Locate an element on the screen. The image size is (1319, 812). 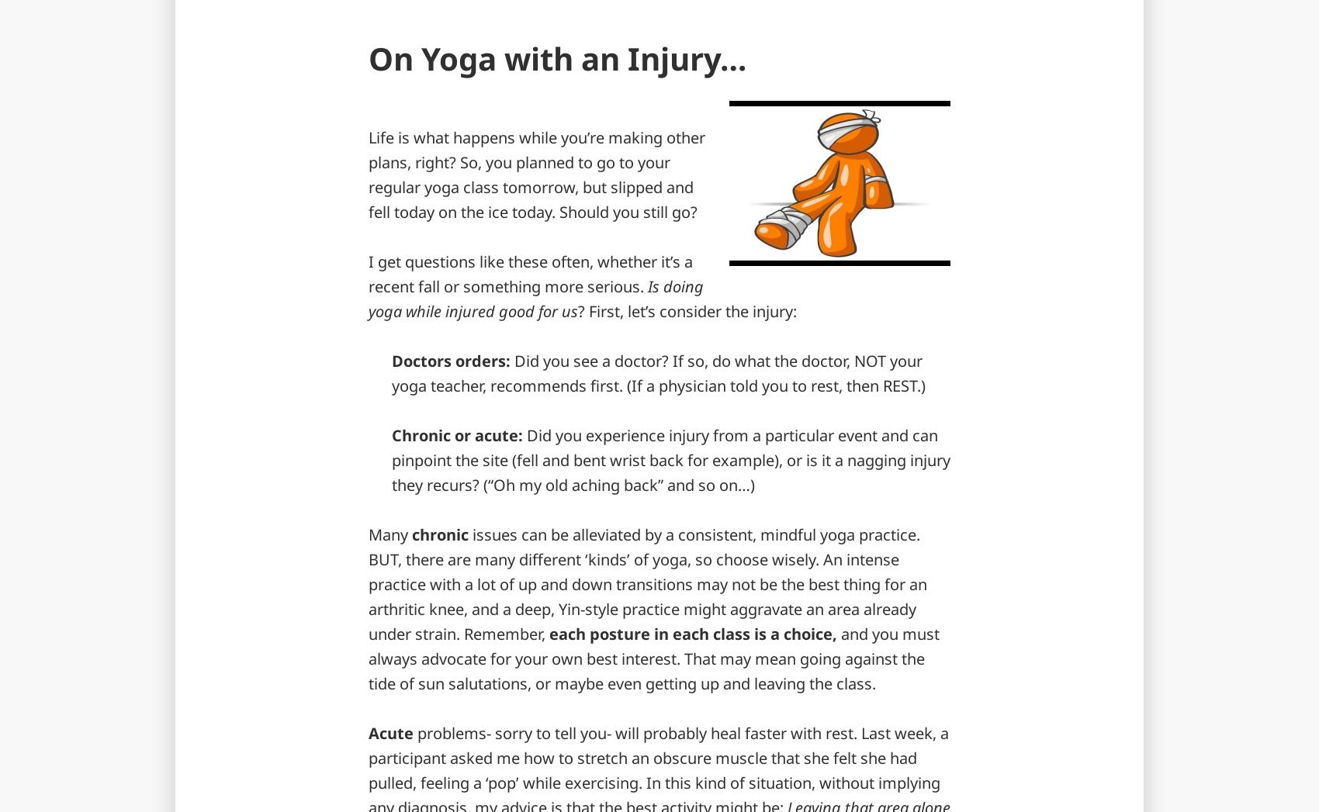
'Doctors orders:' is located at coordinates (450, 361).